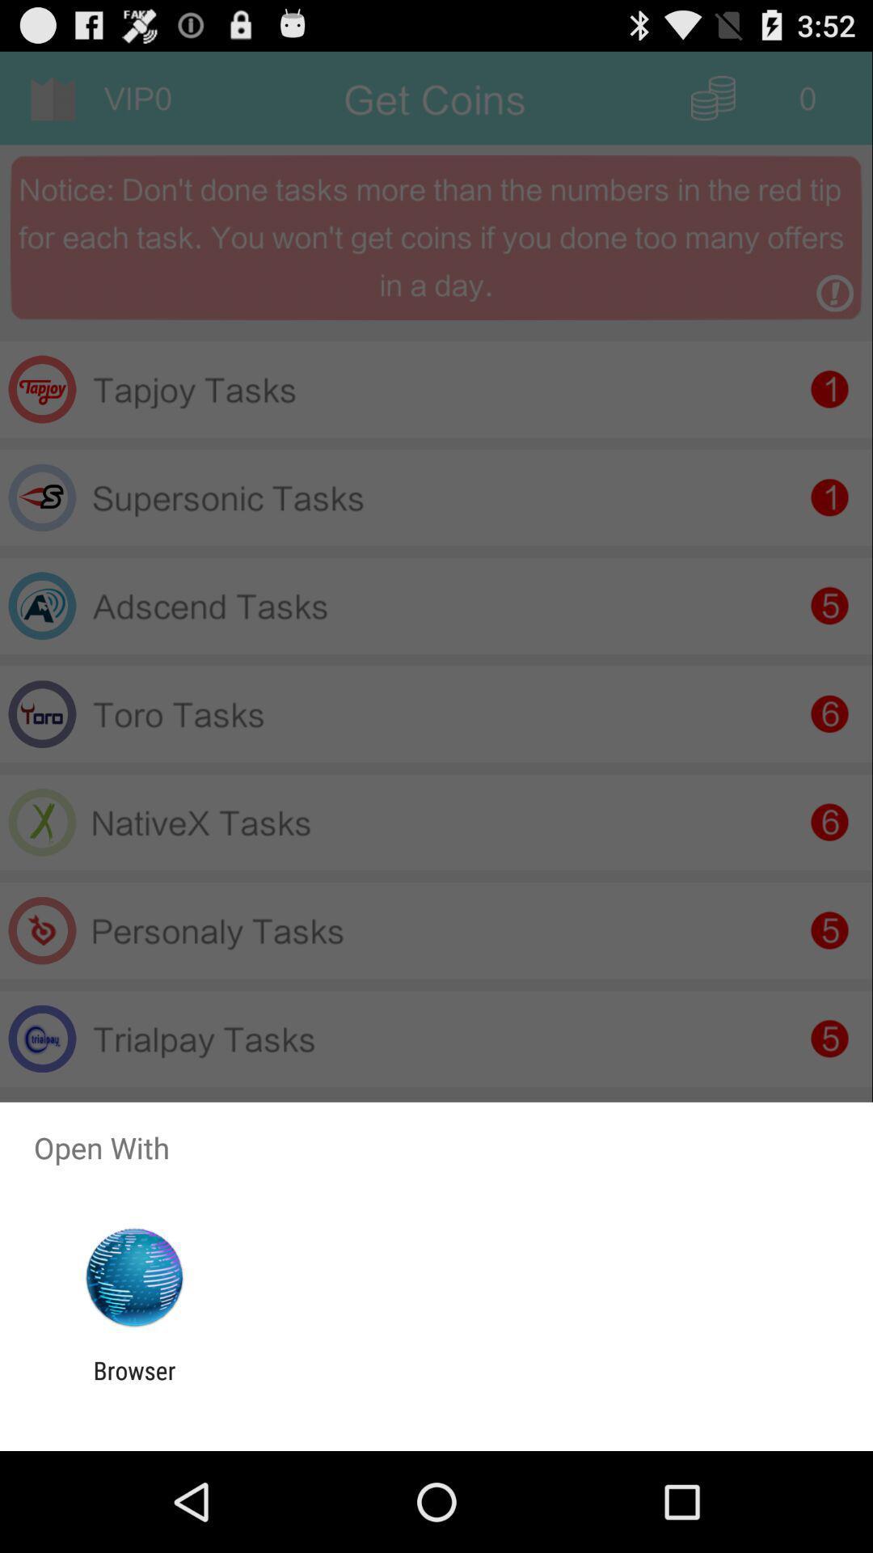 The image size is (873, 1553). What do you see at coordinates (133, 1277) in the screenshot?
I see `item above browser item` at bounding box center [133, 1277].